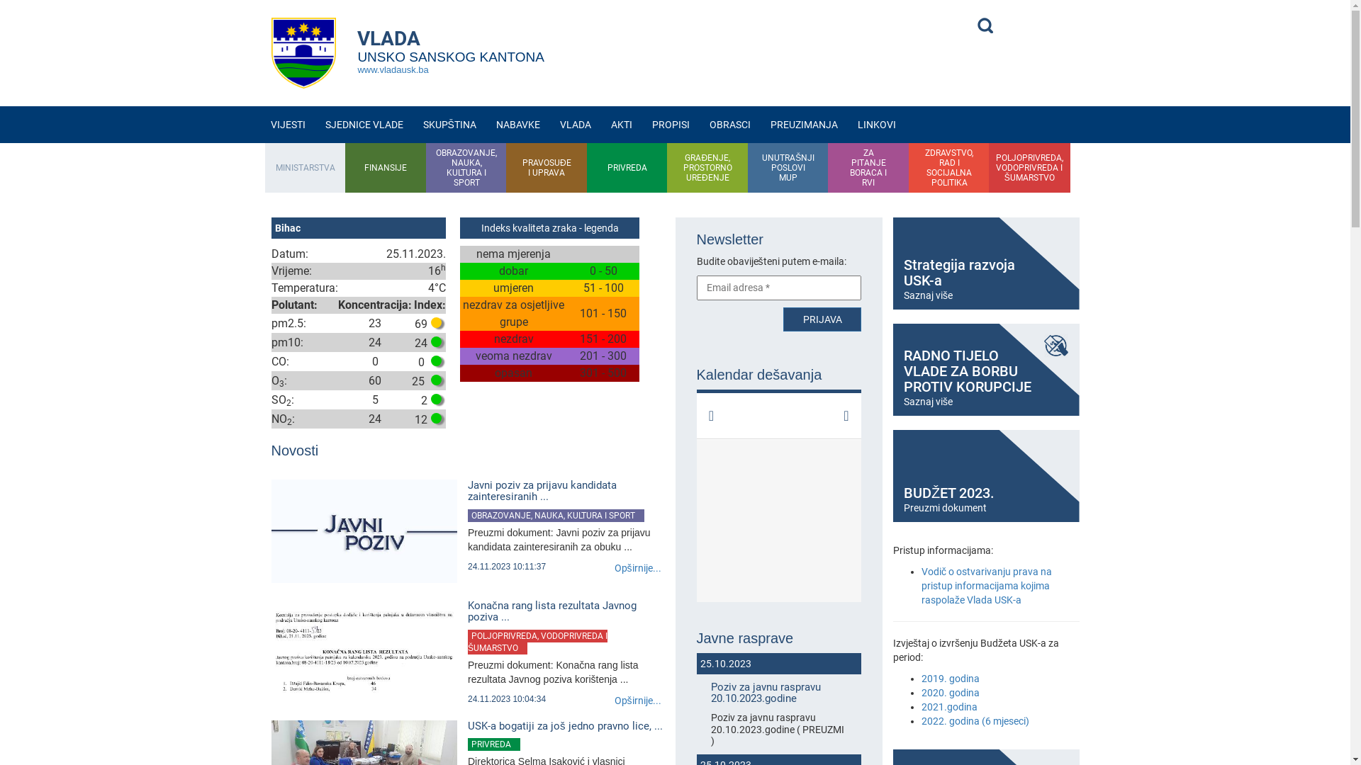 The height and width of the screenshot is (765, 1361). I want to click on 'PROPISI', so click(670, 124).